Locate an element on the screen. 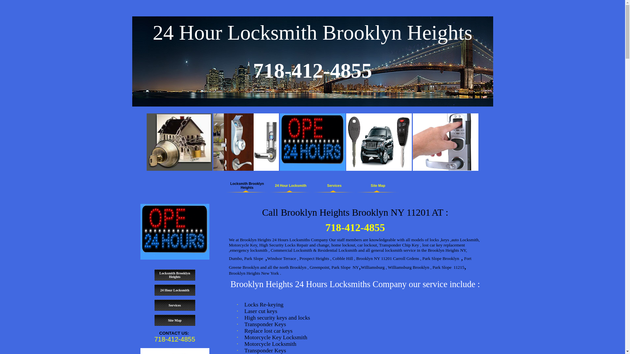  '24 Hours Locksmith Brooklyn Heights Brooklyn 11201' is located at coordinates (312, 142).